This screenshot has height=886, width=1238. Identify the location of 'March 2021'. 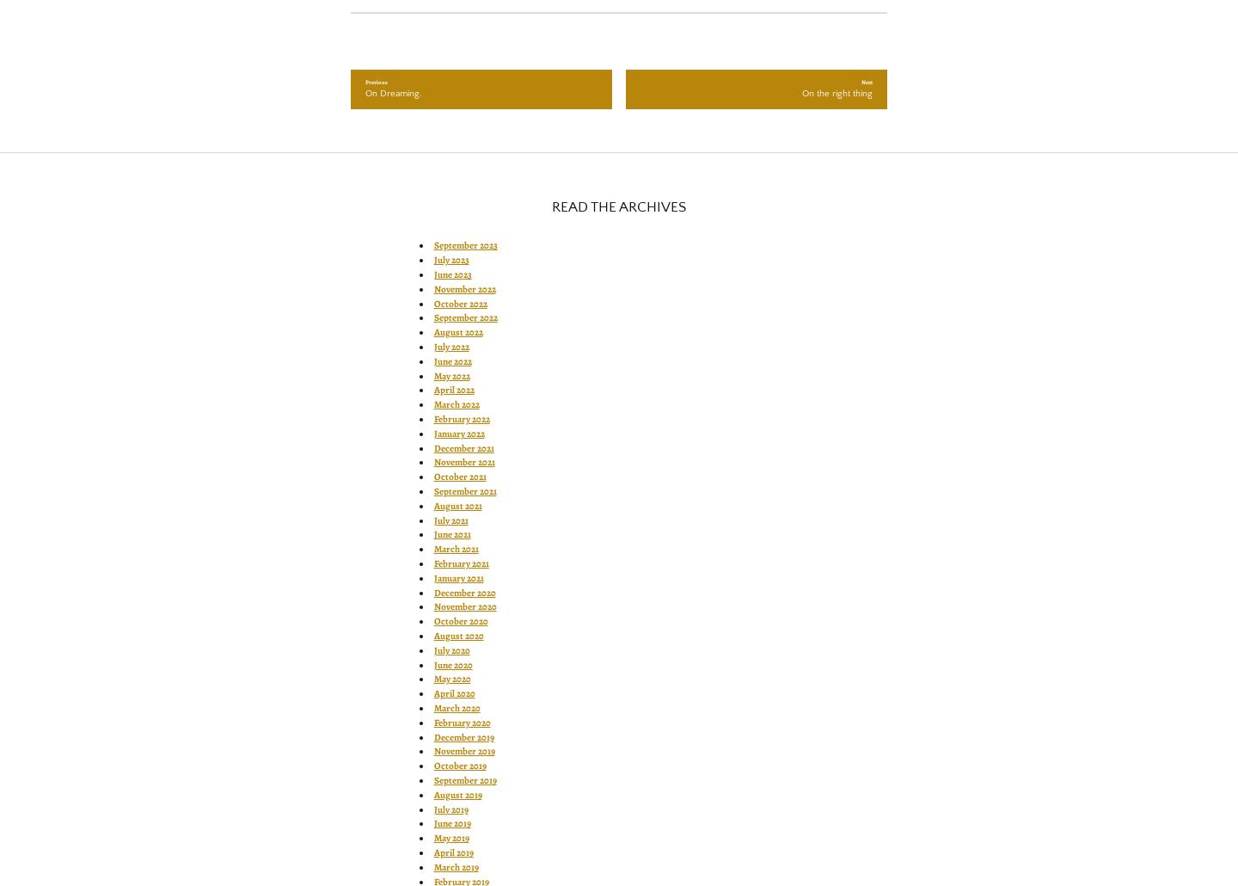
(455, 548).